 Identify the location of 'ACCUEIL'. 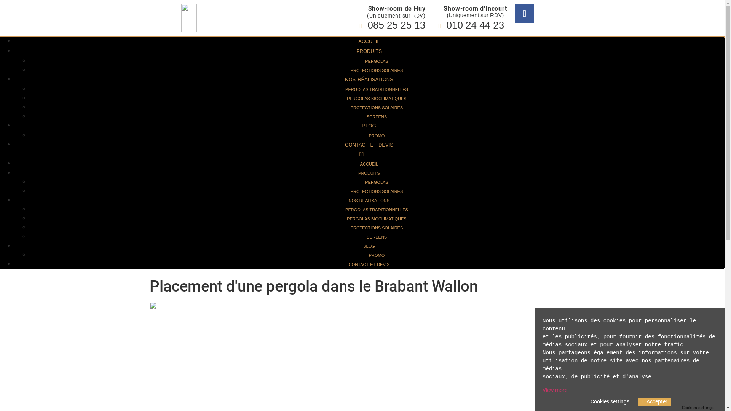
(352, 41).